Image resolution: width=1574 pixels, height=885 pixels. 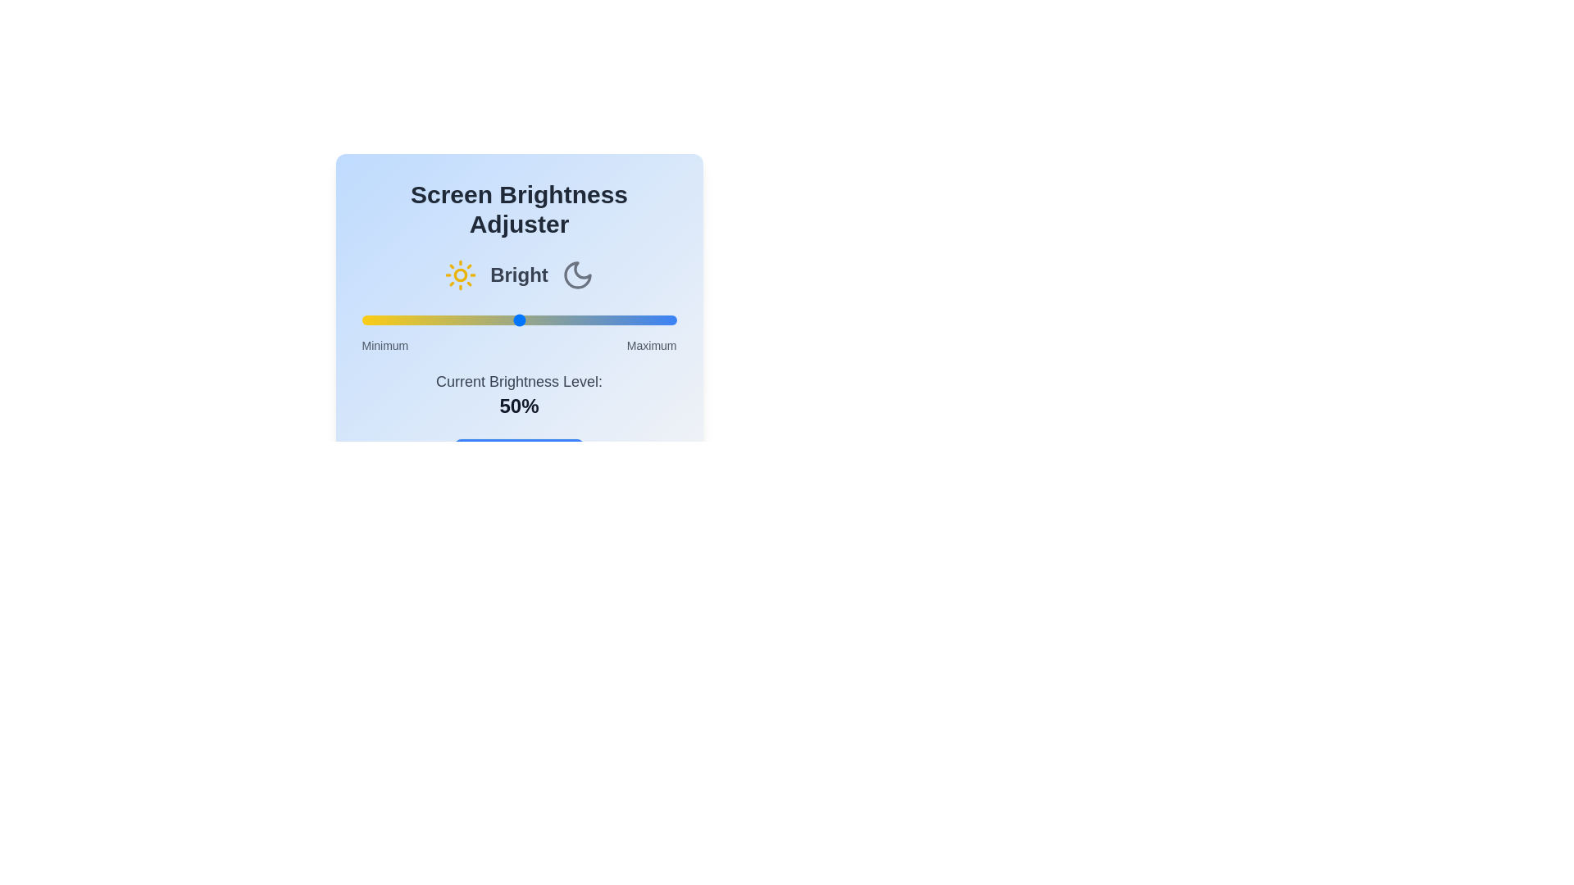 What do you see at coordinates (661, 320) in the screenshot?
I see `the brightness slider to 95%` at bounding box center [661, 320].